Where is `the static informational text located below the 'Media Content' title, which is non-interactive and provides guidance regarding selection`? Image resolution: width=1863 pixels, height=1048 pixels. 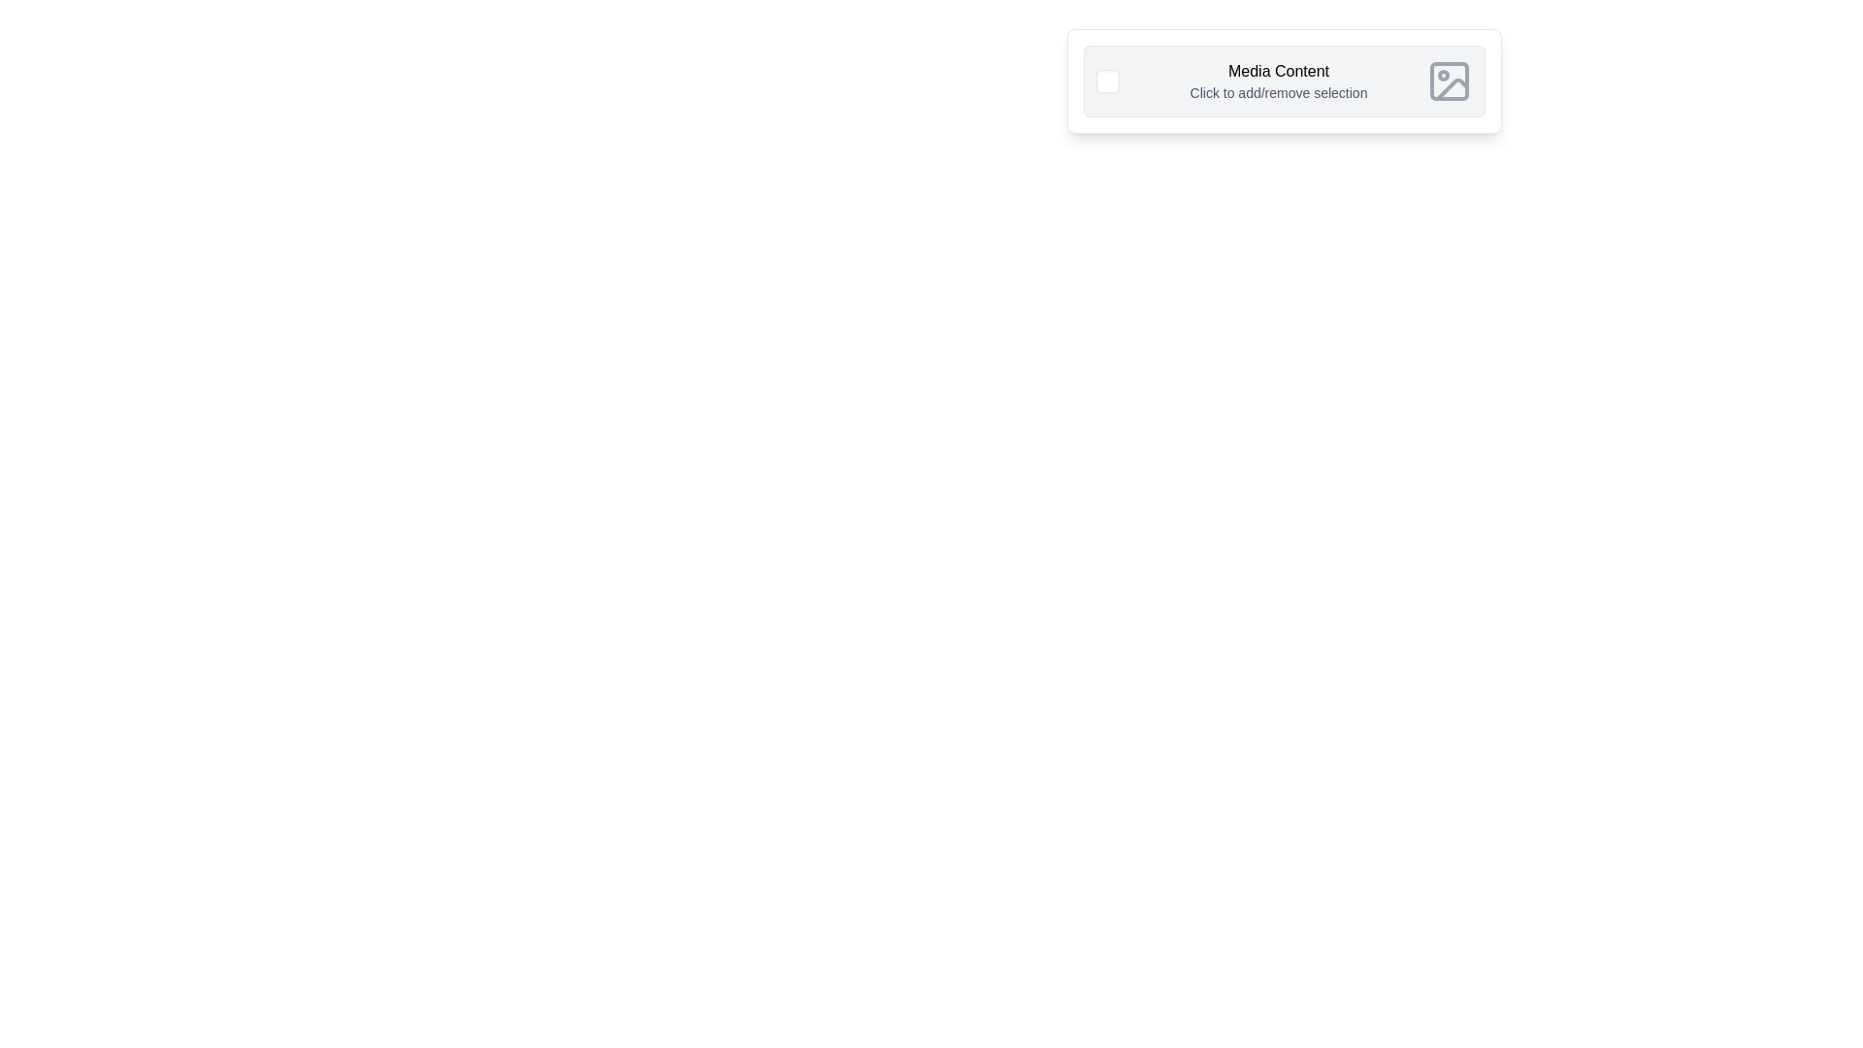 the static informational text located below the 'Media Content' title, which is non-interactive and provides guidance regarding selection is located at coordinates (1279, 93).